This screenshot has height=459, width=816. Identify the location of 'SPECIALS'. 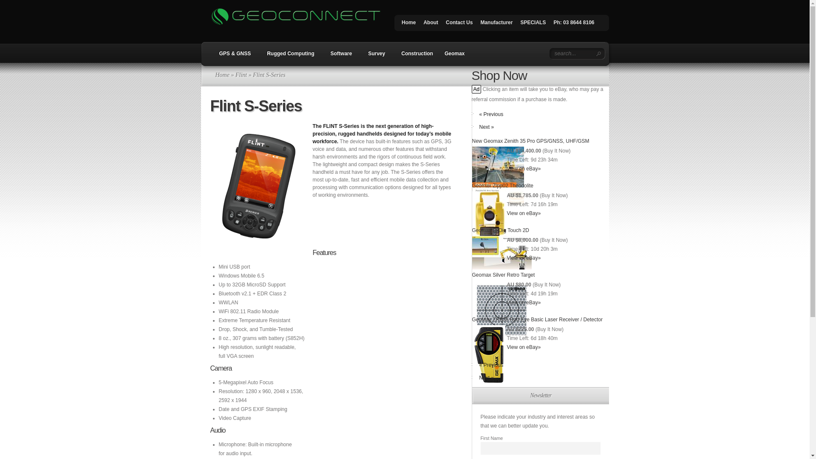
(532, 24).